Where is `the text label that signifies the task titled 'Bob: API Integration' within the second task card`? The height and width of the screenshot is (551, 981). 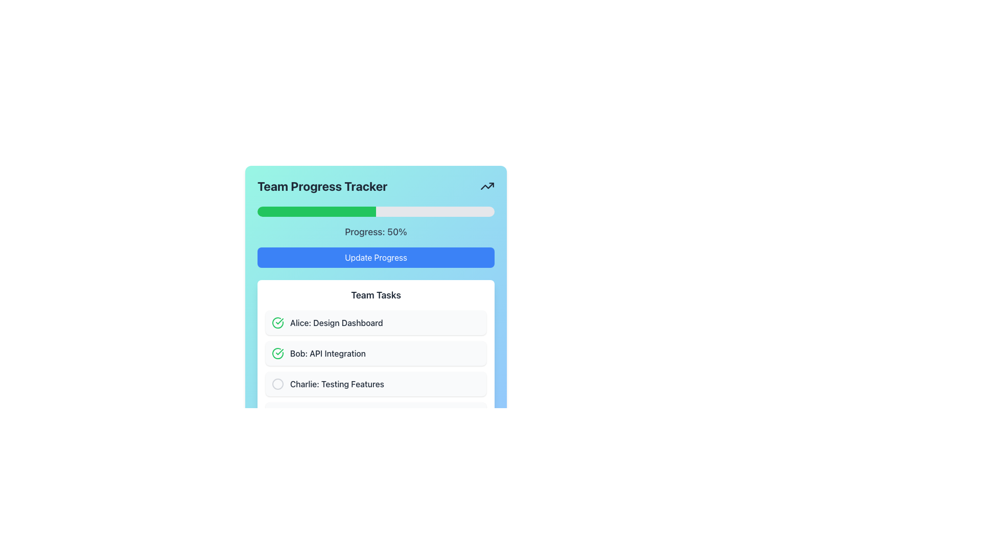
the text label that signifies the task titled 'Bob: API Integration' within the second task card is located at coordinates (328, 353).